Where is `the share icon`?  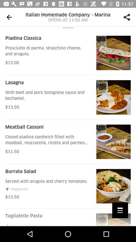 the share icon is located at coordinates (126, 17).